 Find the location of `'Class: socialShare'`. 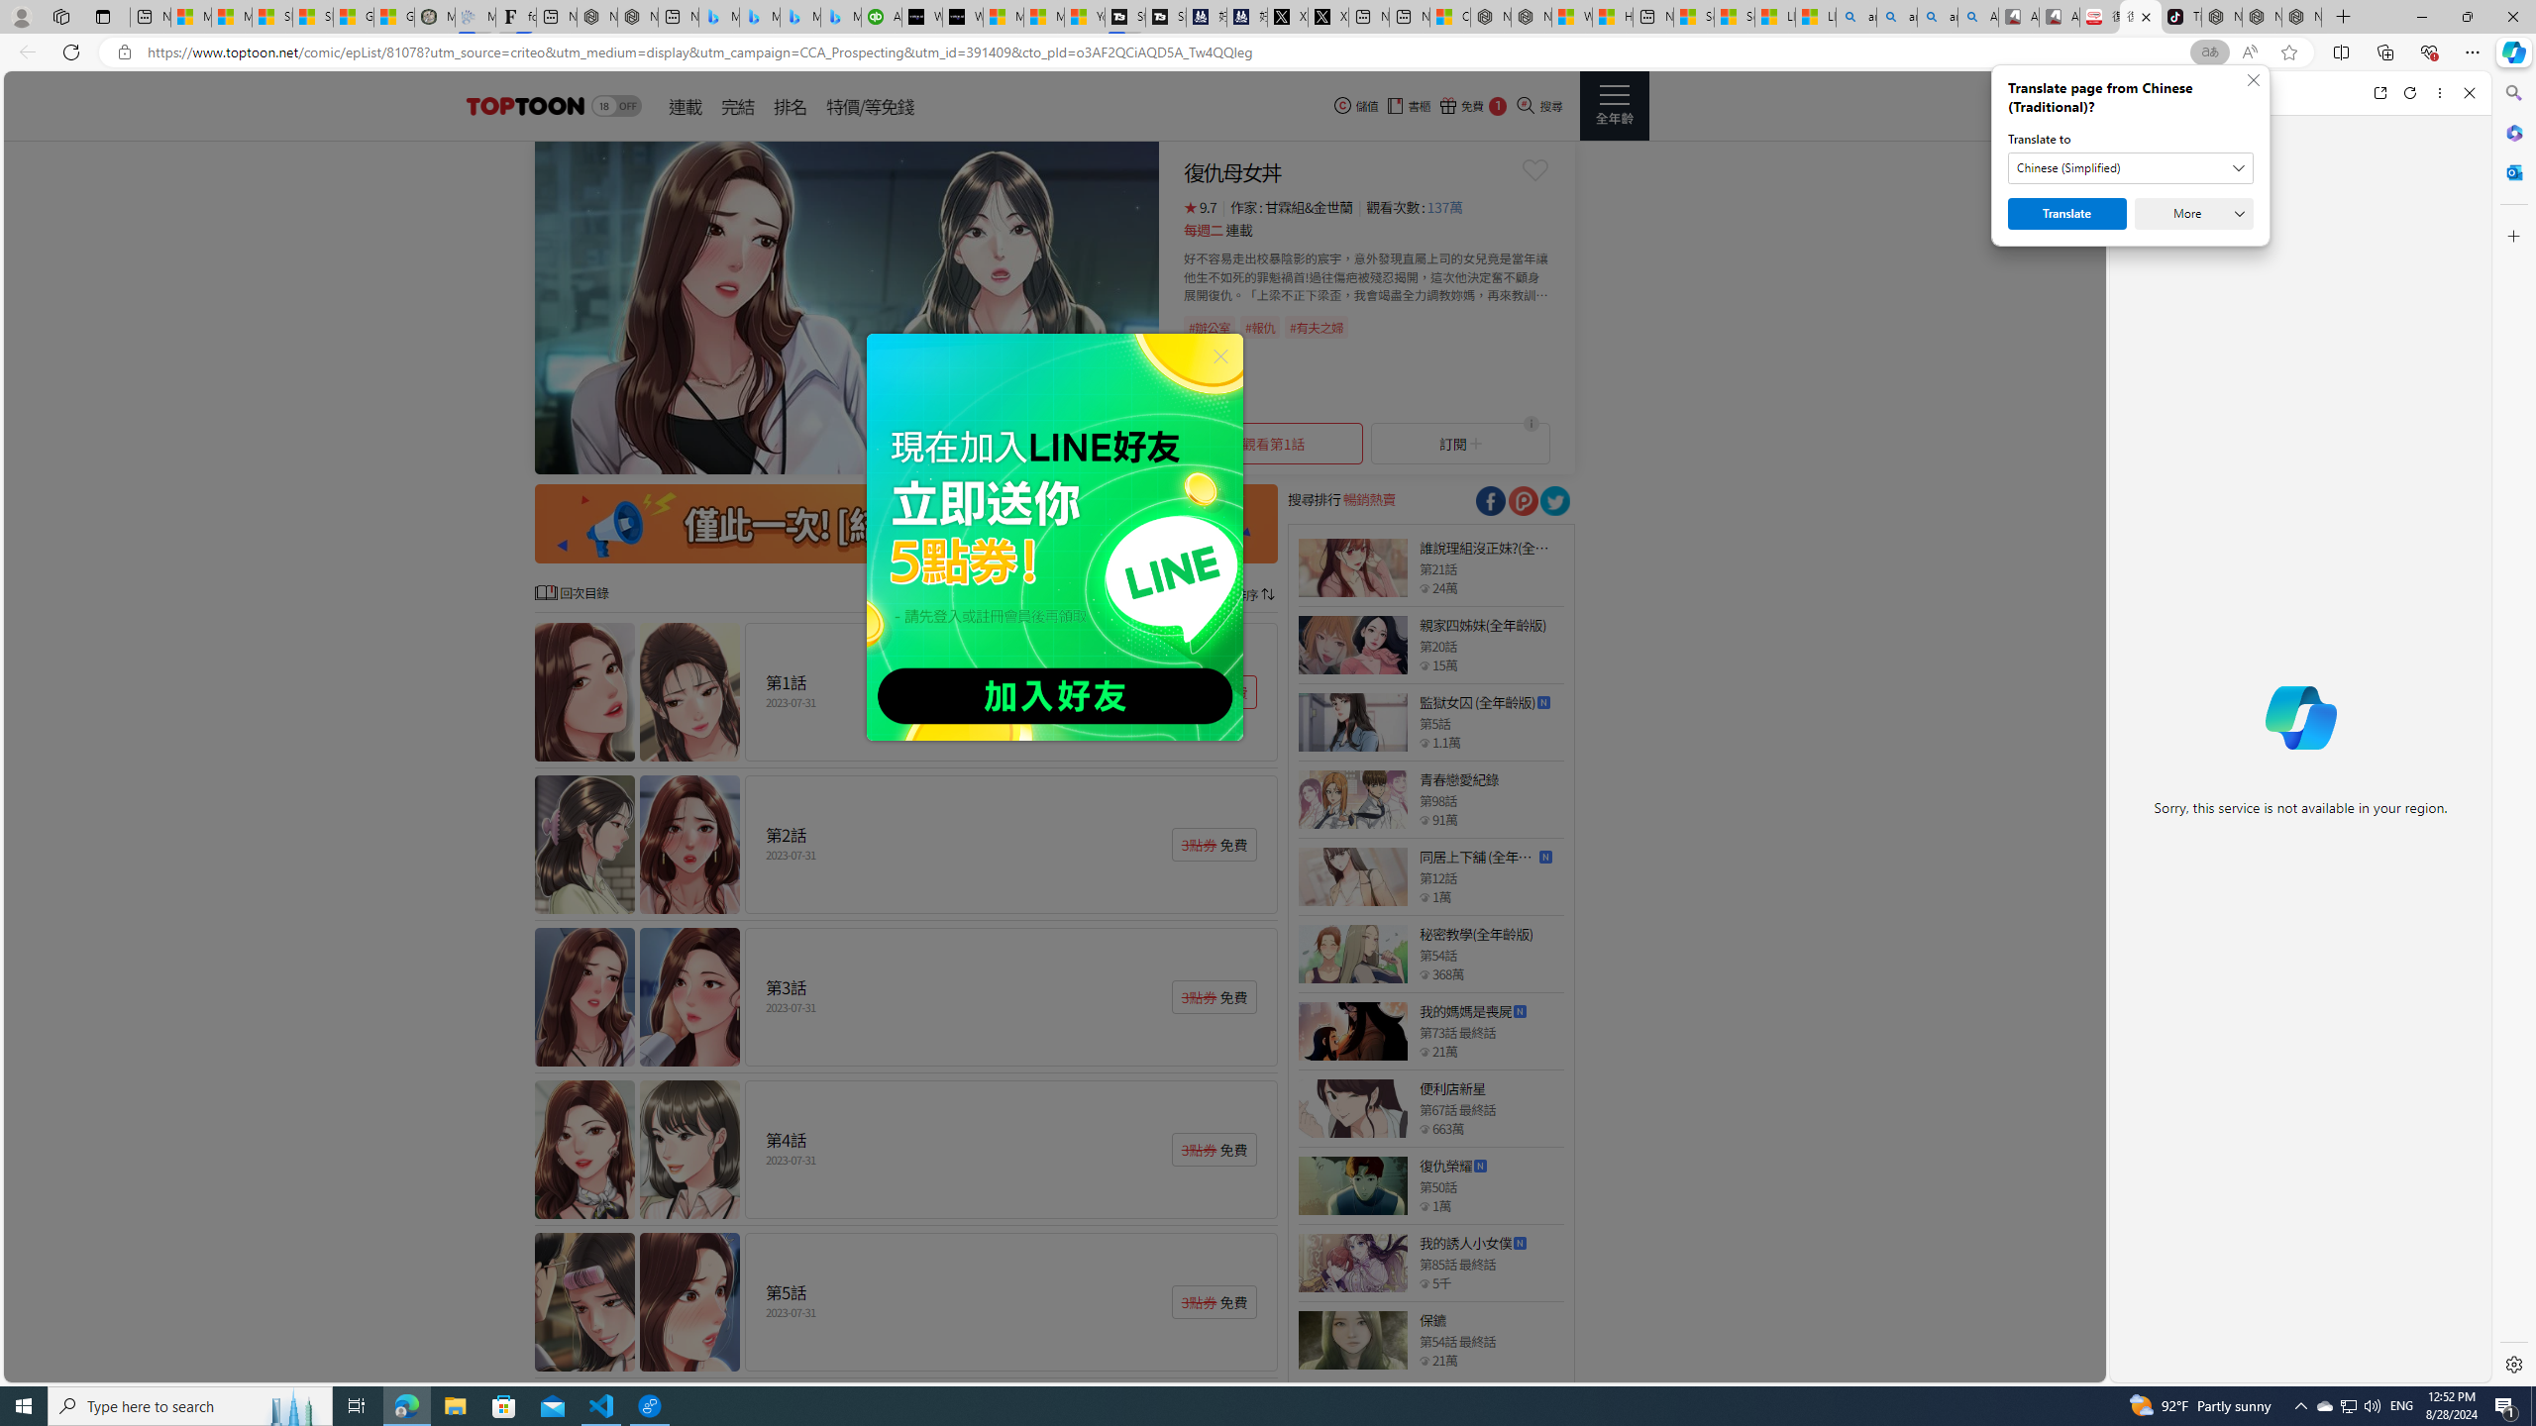

'Class: socialShare' is located at coordinates (1554, 500).